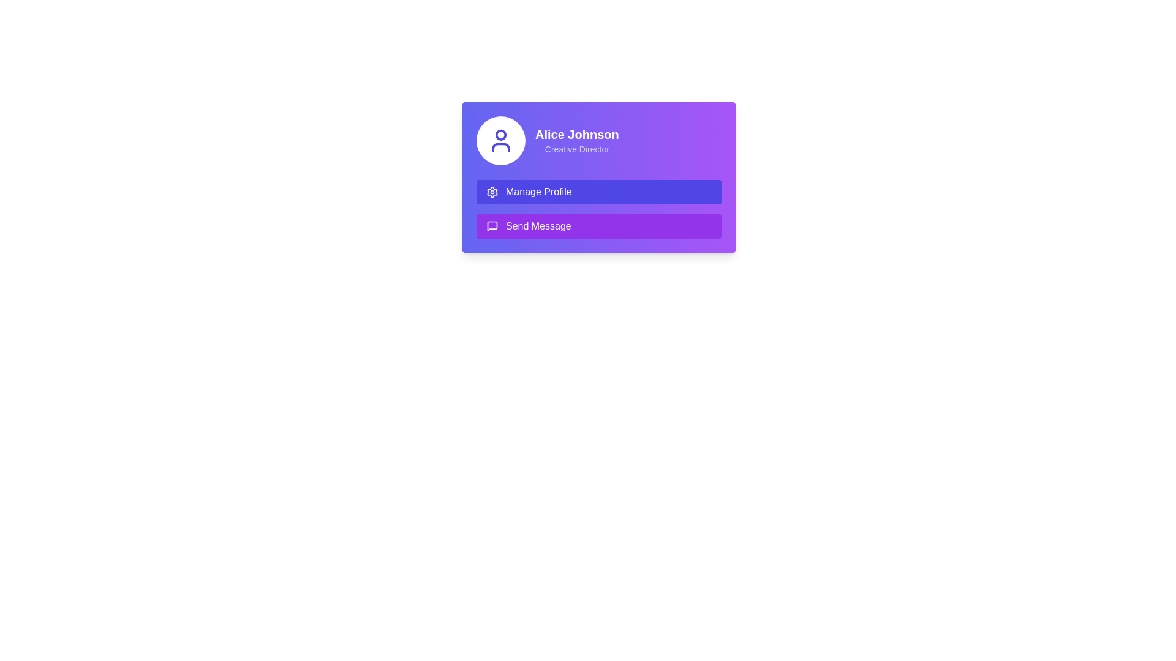 The width and height of the screenshot is (1176, 661). Describe the element at coordinates (492, 226) in the screenshot. I see `the 'Send Message' icon that visually represents the message functionality, located within the button below the 'Manage Profile' button` at that location.